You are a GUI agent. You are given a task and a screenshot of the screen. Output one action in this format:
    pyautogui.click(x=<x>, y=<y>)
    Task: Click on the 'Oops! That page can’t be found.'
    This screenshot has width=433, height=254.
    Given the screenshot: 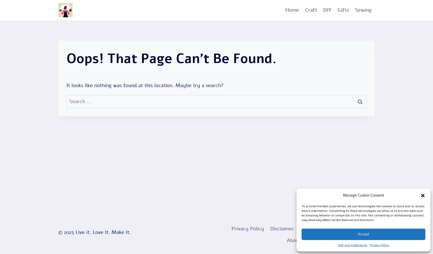 What is the action you would take?
    pyautogui.click(x=66, y=58)
    